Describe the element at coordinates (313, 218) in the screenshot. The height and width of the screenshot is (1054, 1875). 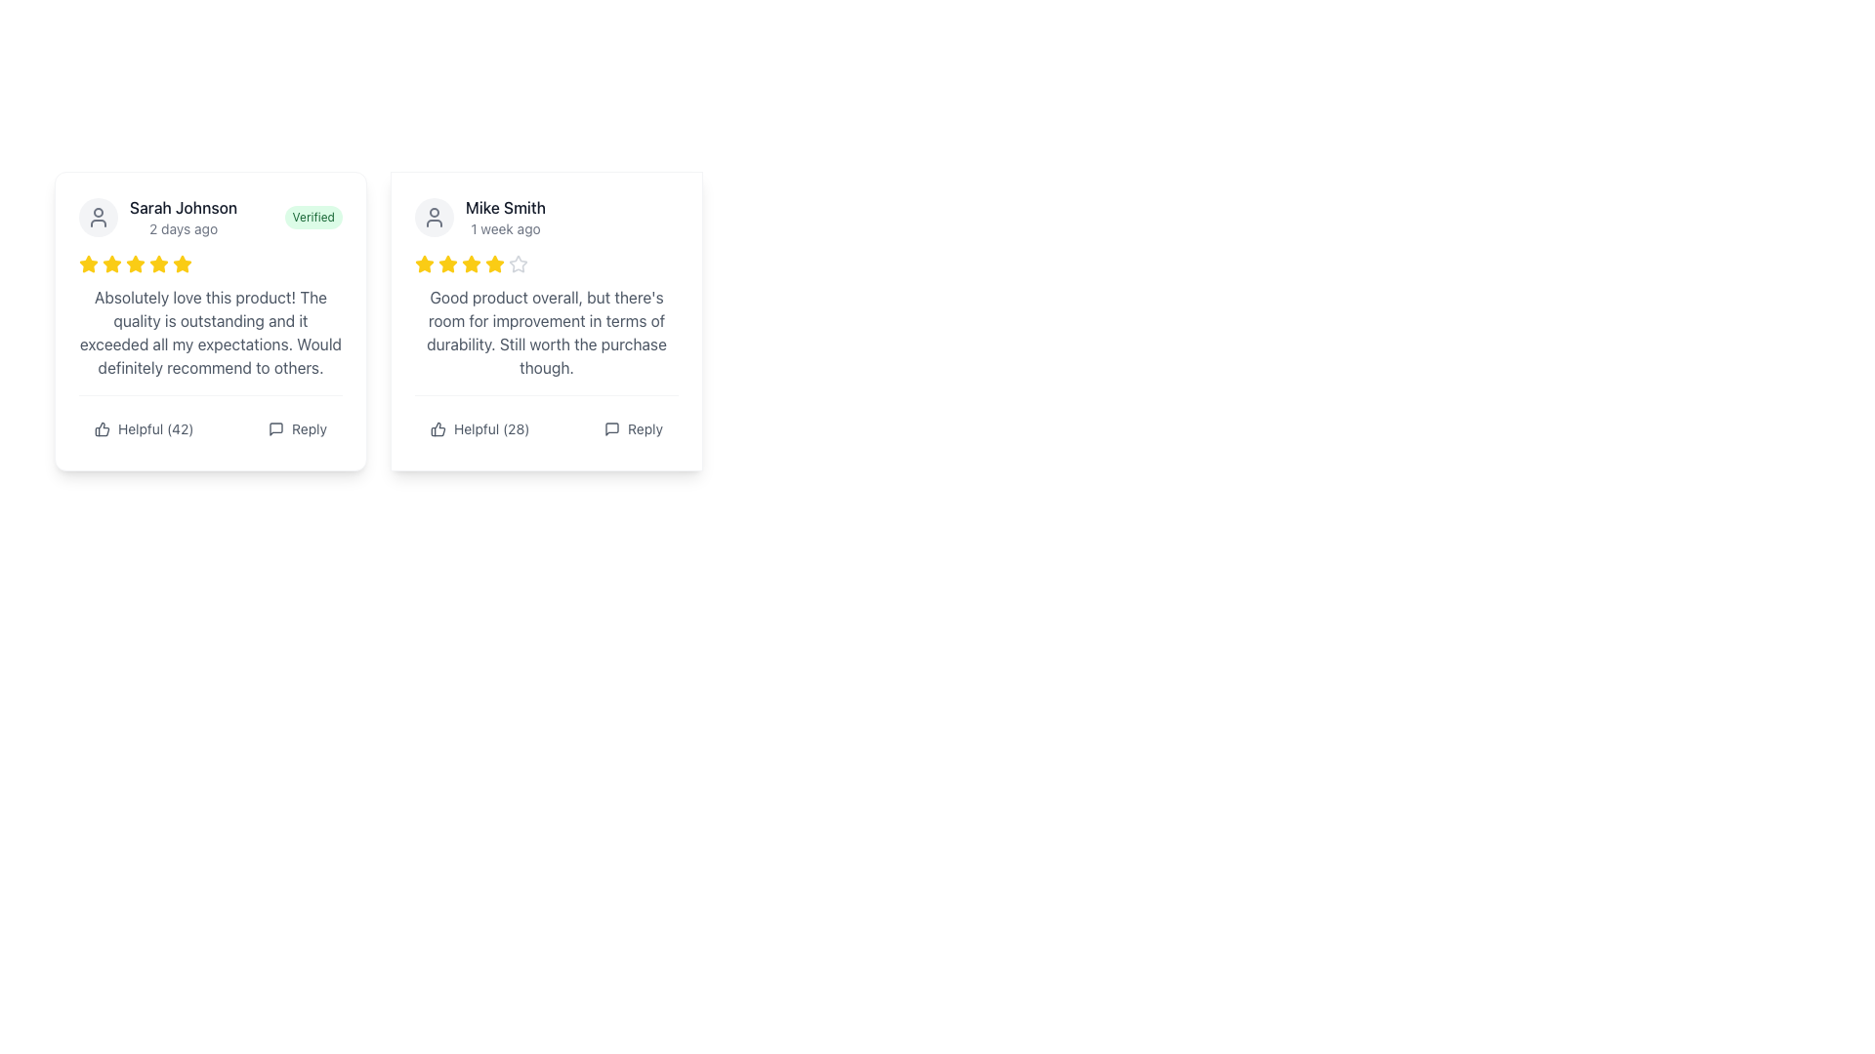
I see `the 'Verified' label, which is styled with a green background and appears to the right of 'Sarah Johnson' and the time label '2 days ago'` at that location.